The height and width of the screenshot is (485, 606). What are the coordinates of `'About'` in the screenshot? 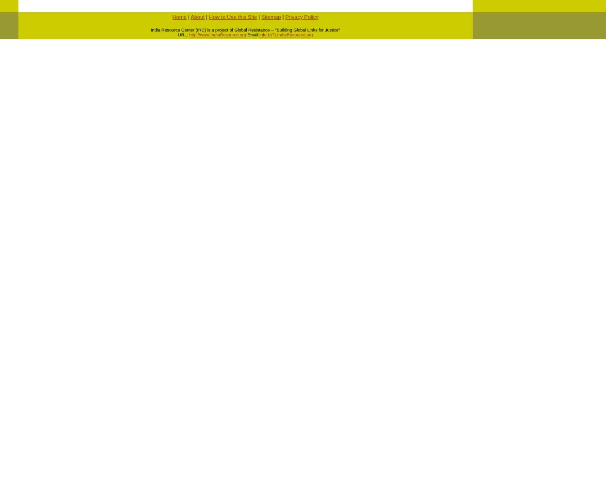 It's located at (191, 17).